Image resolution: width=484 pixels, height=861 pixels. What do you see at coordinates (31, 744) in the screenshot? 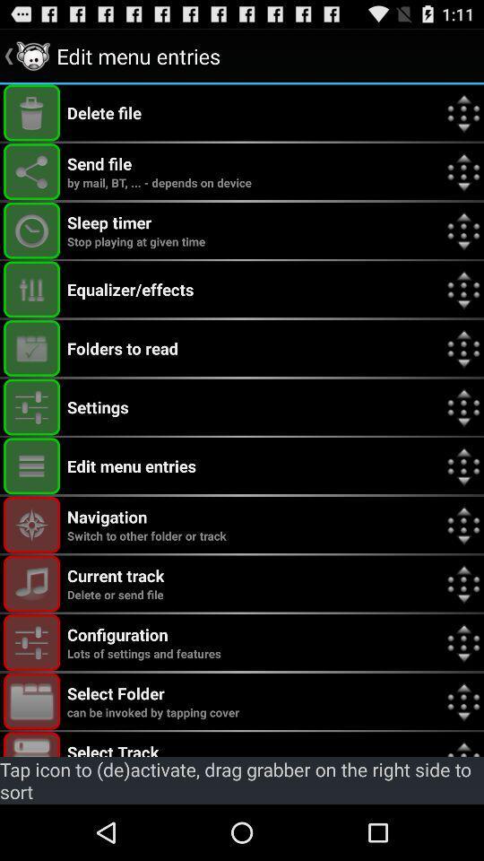
I see `track` at bounding box center [31, 744].